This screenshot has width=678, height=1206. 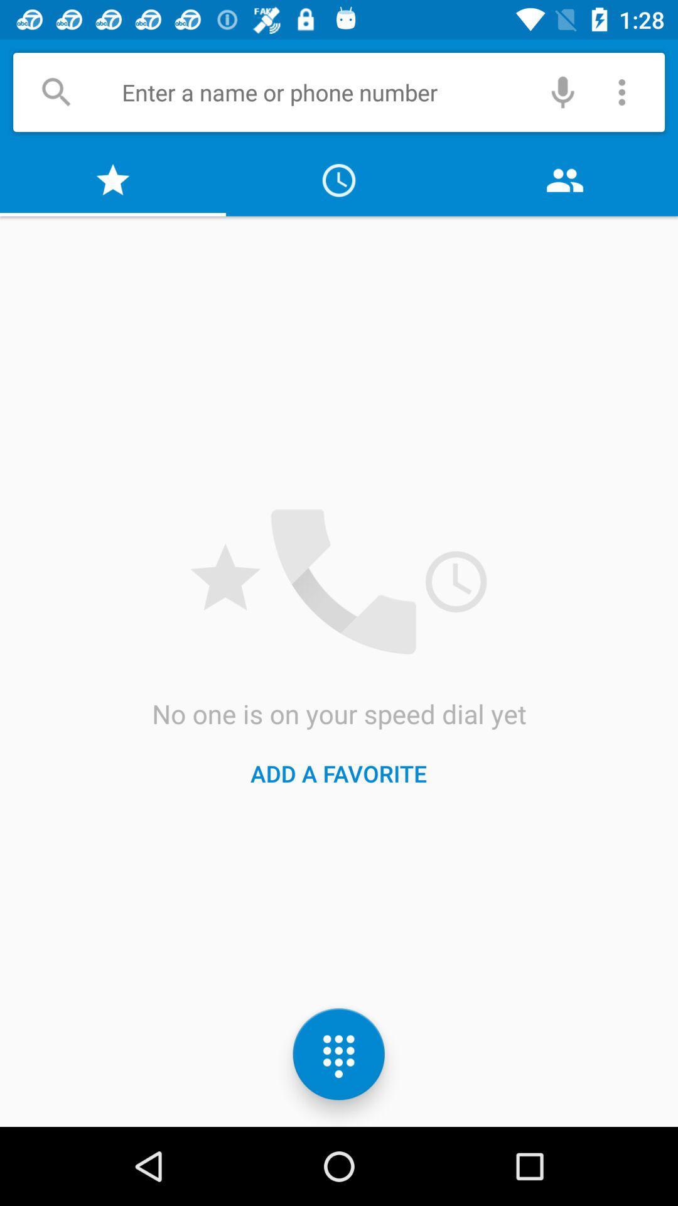 I want to click on the dialpad icon, so click(x=339, y=1054).